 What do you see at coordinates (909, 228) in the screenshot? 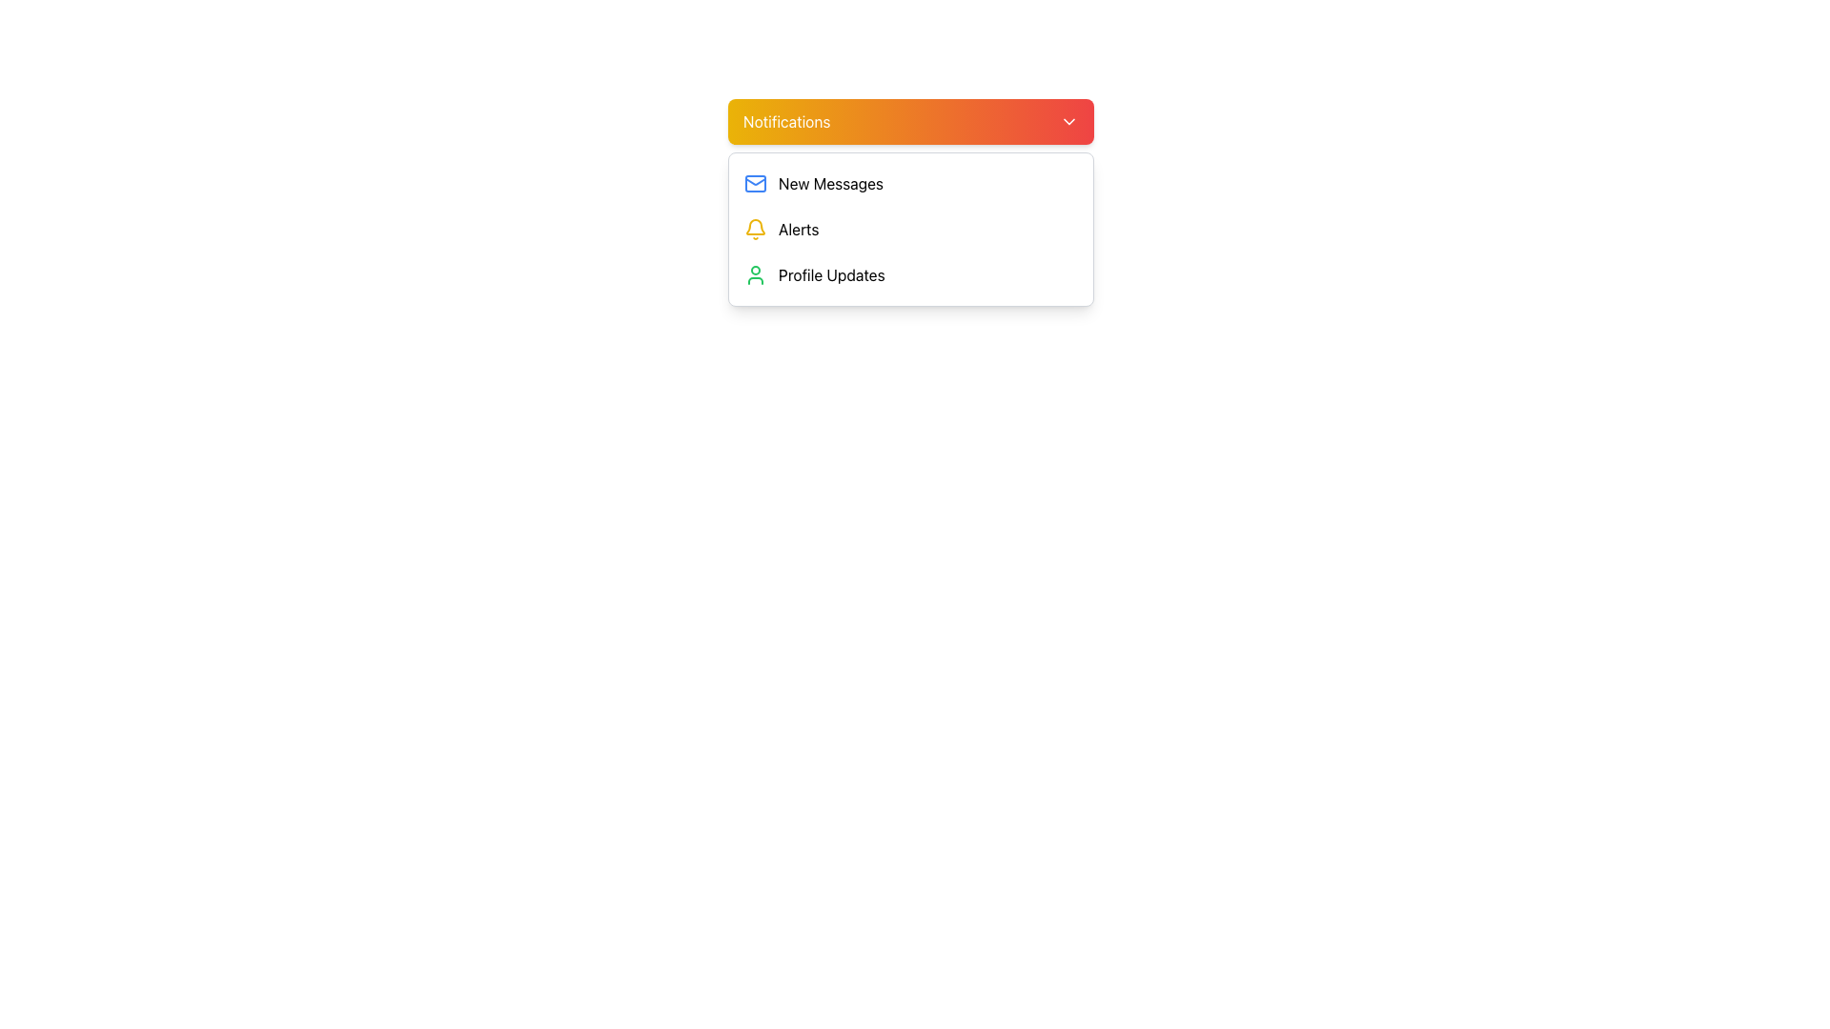
I see `keyboard navigation` at bounding box center [909, 228].